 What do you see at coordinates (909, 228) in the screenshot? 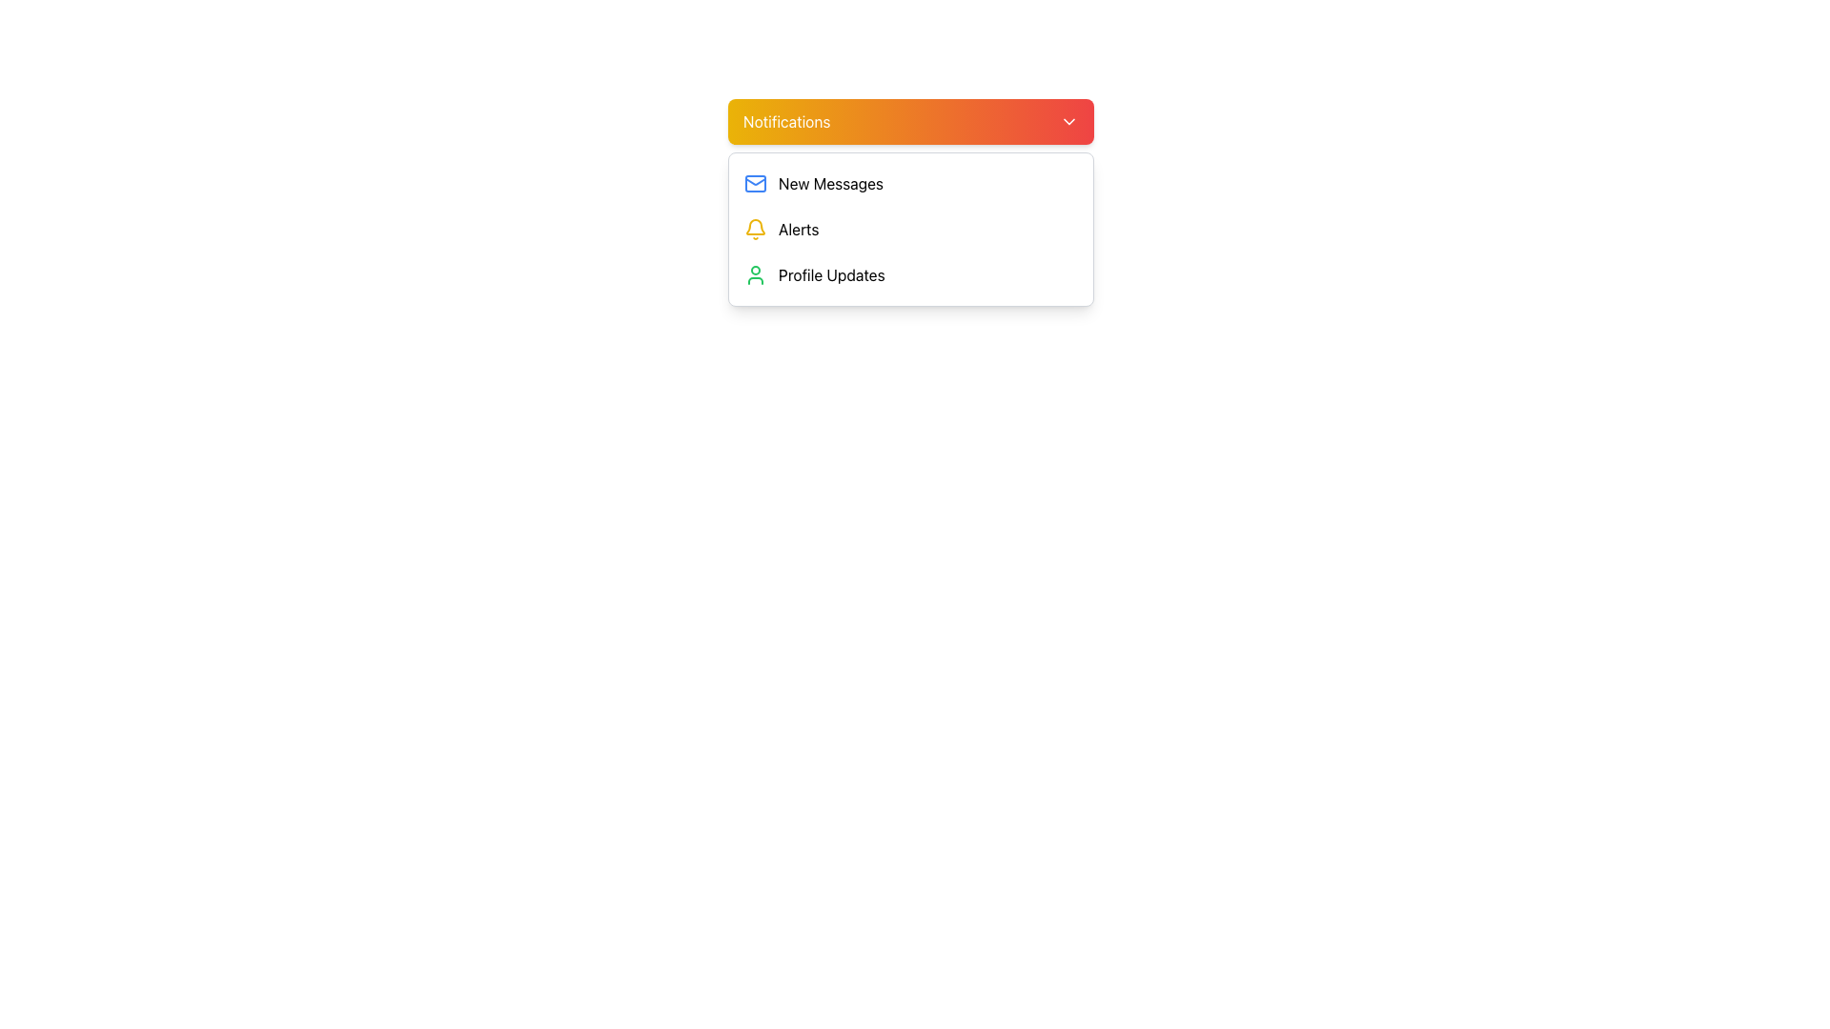
I see `keyboard navigation` at bounding box center [909, 228].